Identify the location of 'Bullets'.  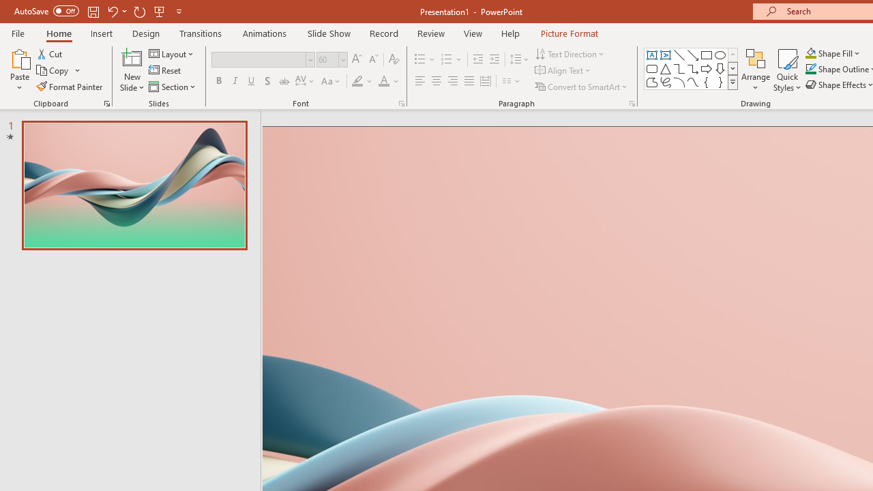
(419, 59).